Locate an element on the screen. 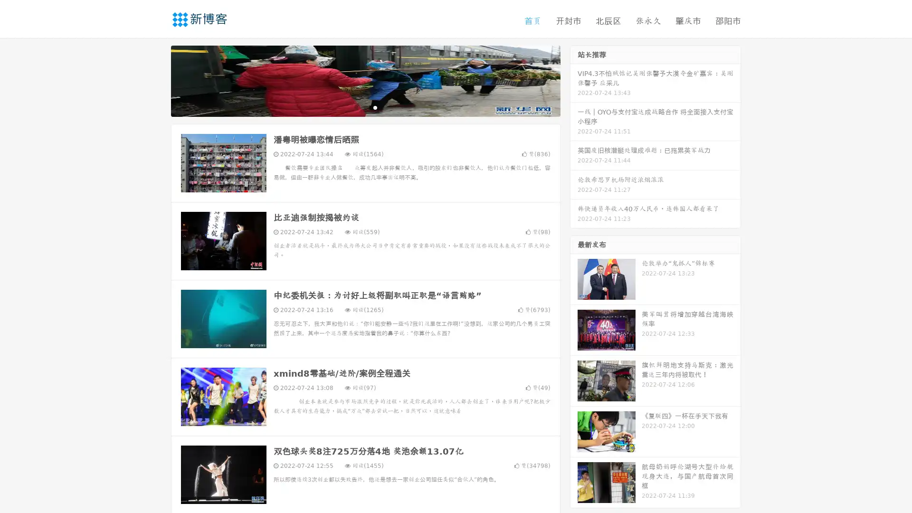 This screenshot has height=513, width=912. Go to slide 1 is located at coordinates (355, 107).